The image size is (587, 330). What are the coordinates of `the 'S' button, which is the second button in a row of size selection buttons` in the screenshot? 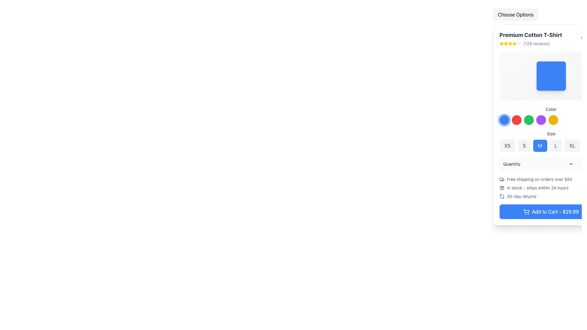 It's located at (524, 146).